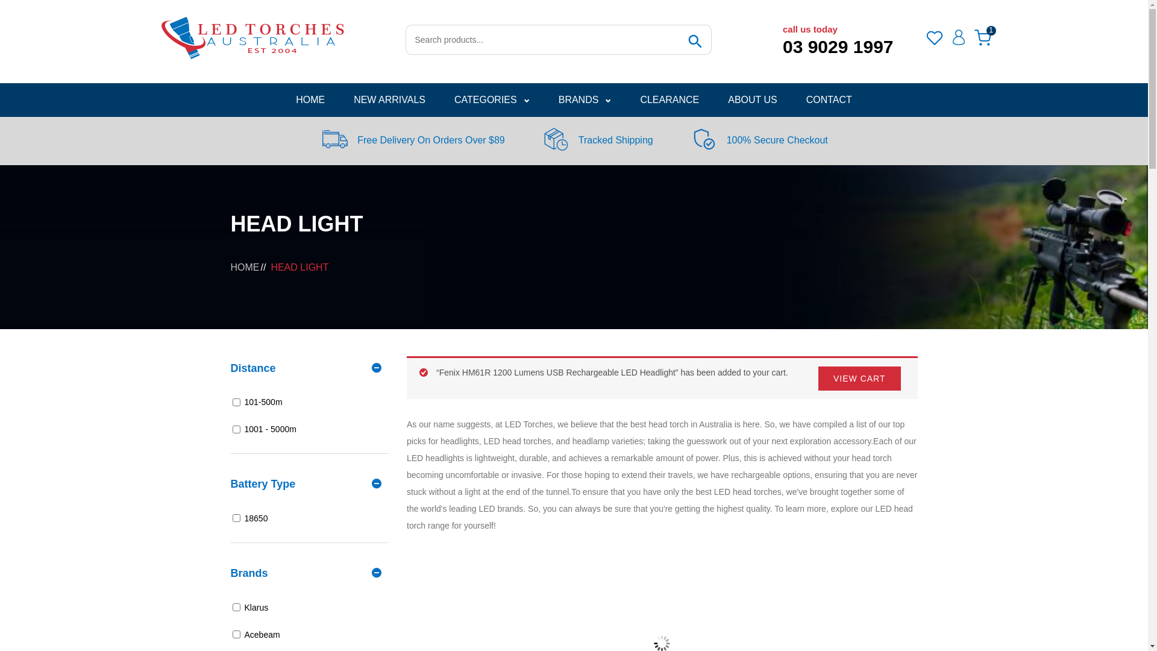  Describe the element at coordinates (310, 99) in the screenshot. I see `'HOME'` at that location.